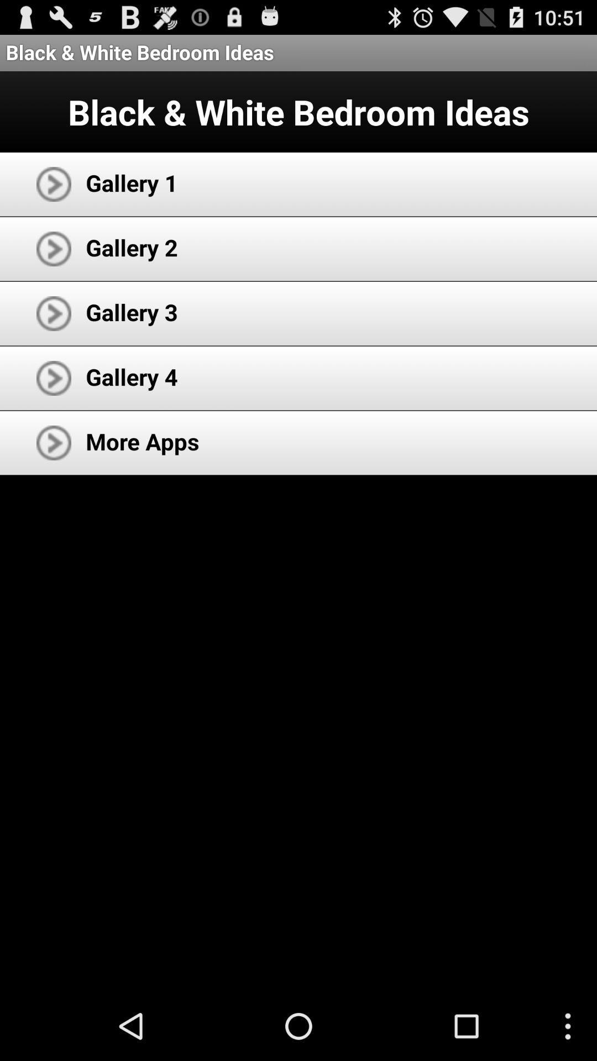  I want to click on the icon below the gallery 3, so click(131, 376).